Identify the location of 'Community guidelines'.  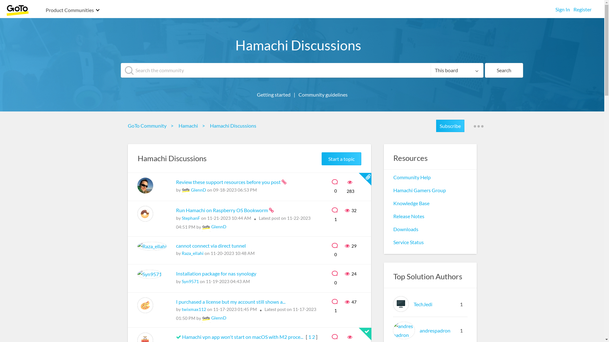
(323, 94).